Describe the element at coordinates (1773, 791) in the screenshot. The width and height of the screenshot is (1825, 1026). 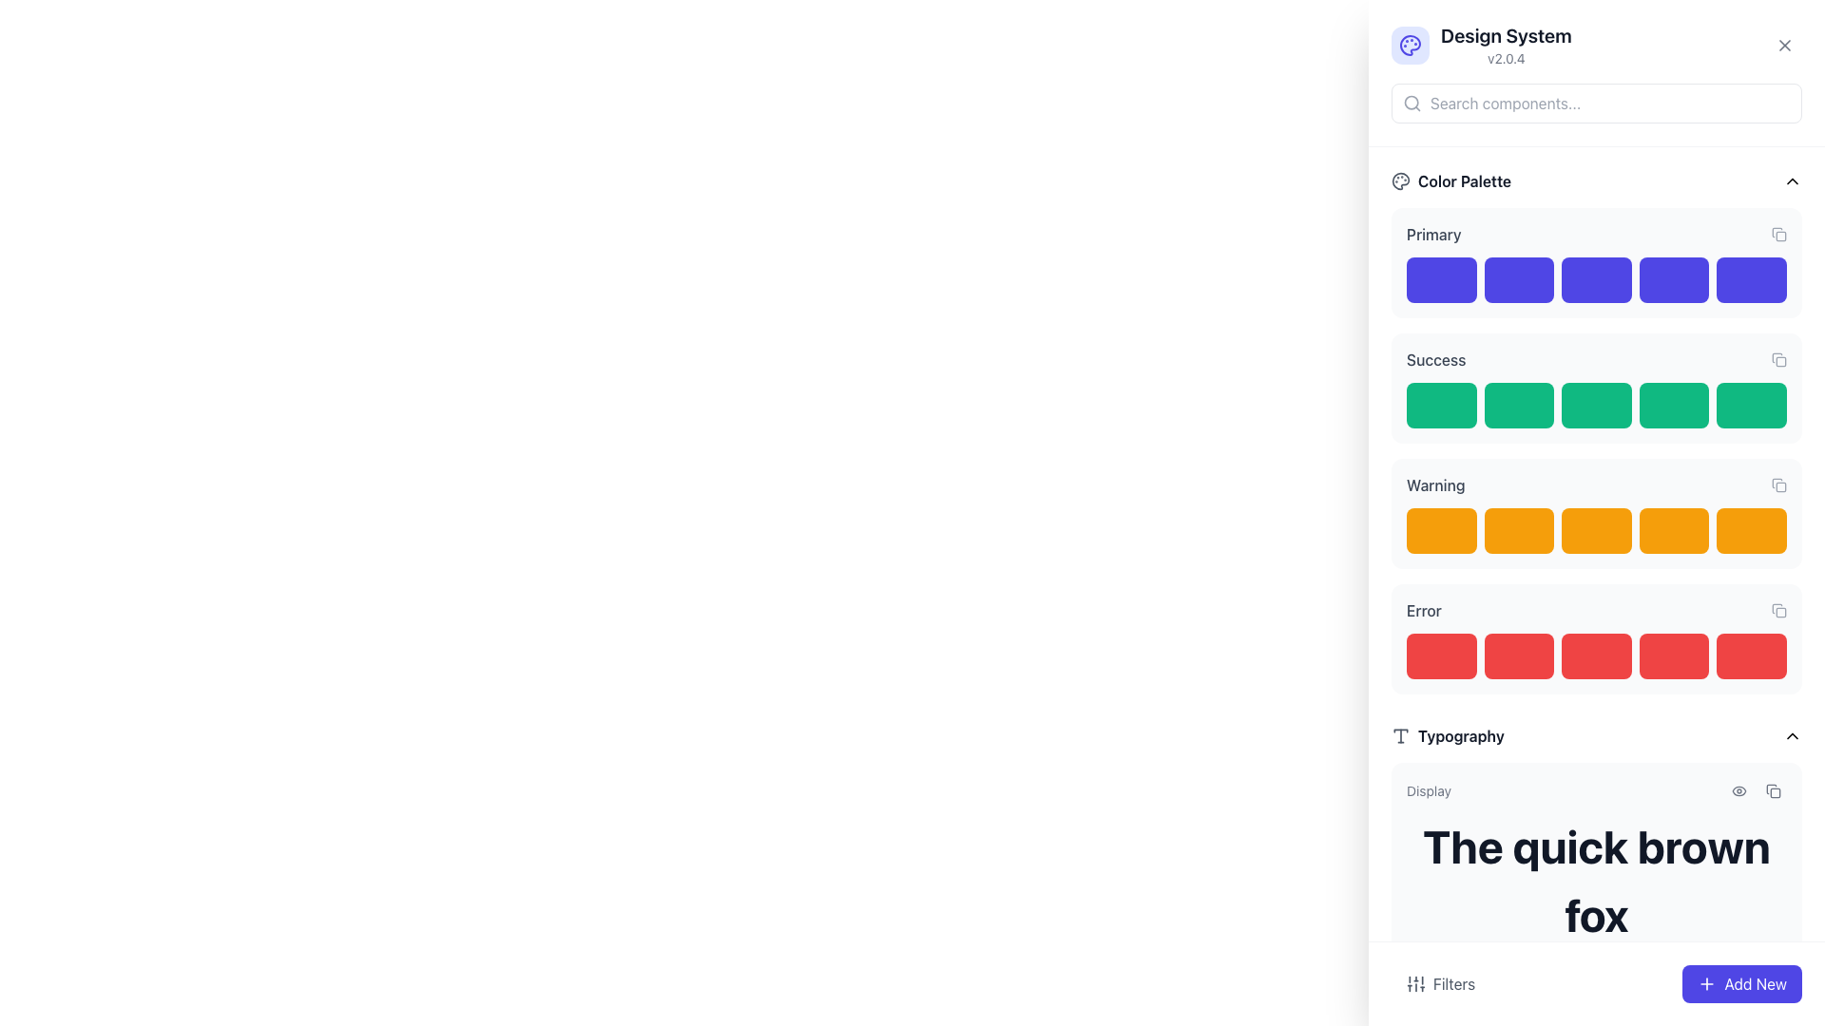
I see `the 'copy' icon button, which is a minimalistic outline styled icon located within the 'Typography' section` at that location.